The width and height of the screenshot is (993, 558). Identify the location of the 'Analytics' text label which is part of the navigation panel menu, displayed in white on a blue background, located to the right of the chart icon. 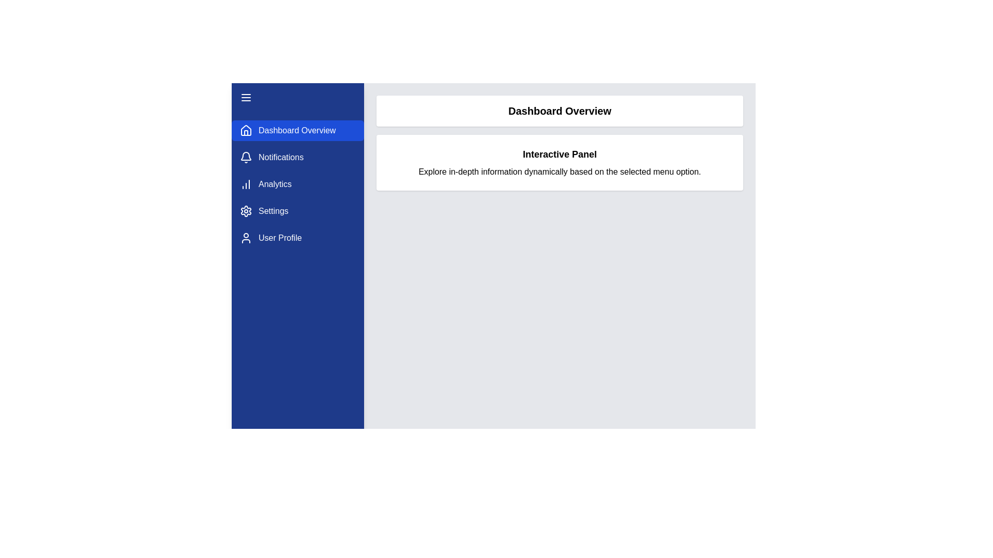
(275, 184).